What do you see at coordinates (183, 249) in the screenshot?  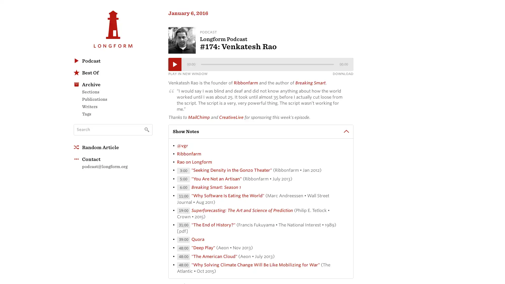 I see `48:00` at bounding box center [183, 249].